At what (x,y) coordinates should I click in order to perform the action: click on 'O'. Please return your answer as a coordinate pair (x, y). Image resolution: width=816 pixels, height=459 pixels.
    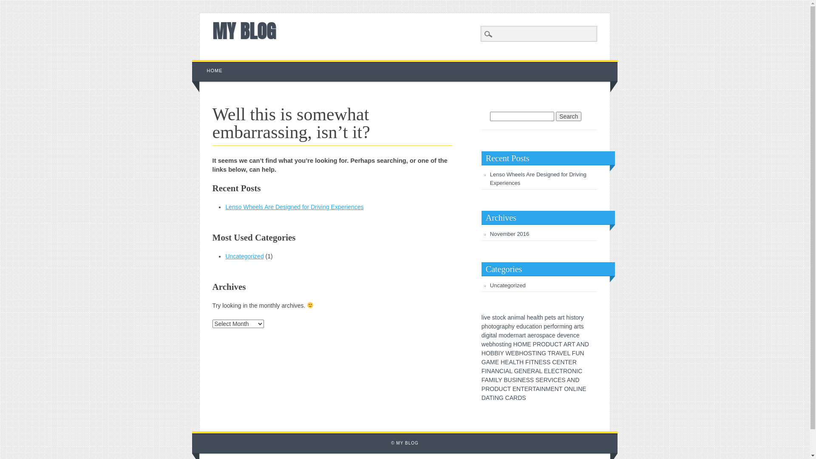
    Looking at the image, I should click on (519, 344).